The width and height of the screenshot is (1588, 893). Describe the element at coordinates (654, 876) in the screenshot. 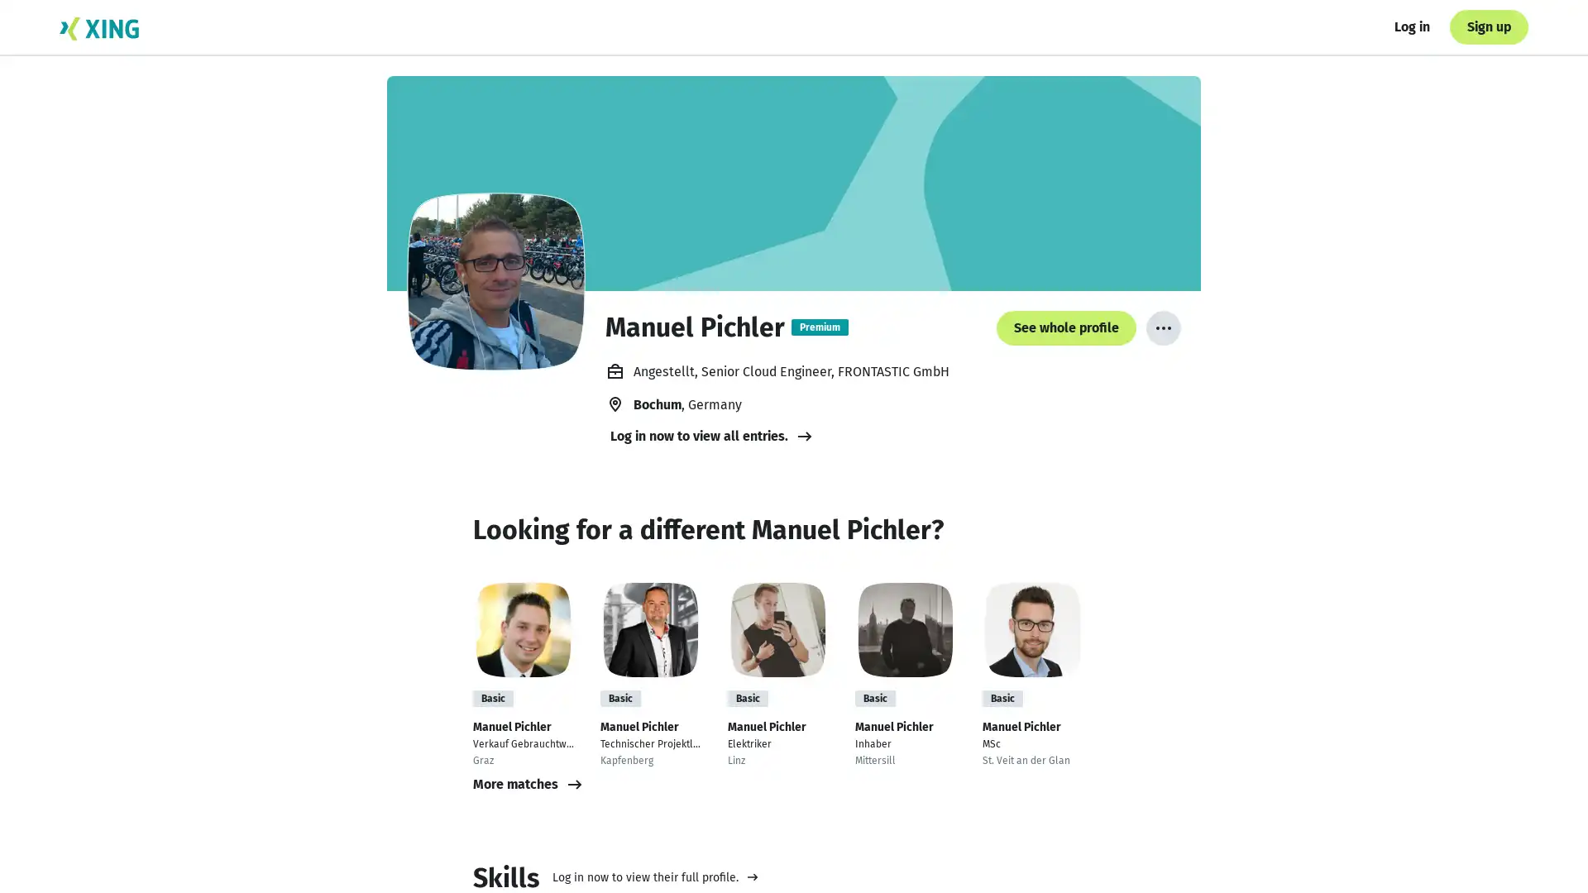

I see `Log in now to view their full profile.` at that location.